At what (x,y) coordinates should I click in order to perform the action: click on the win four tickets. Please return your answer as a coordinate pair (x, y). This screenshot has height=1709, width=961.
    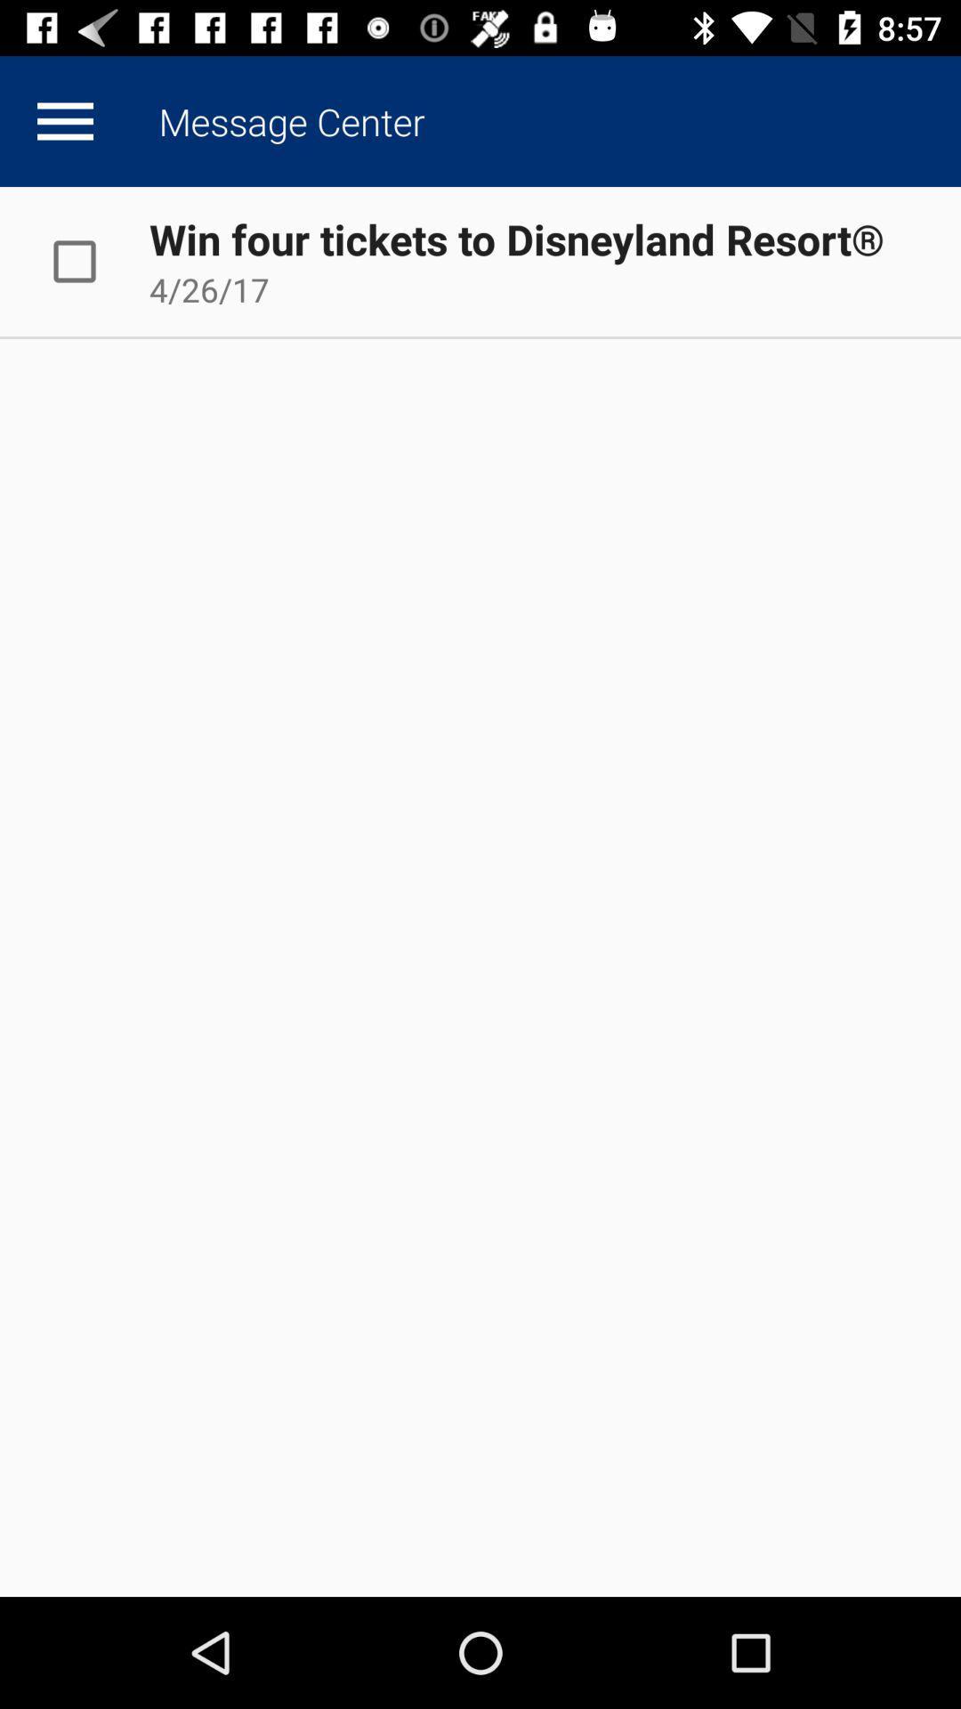
    Looking at the image, I should click on (516, 238).